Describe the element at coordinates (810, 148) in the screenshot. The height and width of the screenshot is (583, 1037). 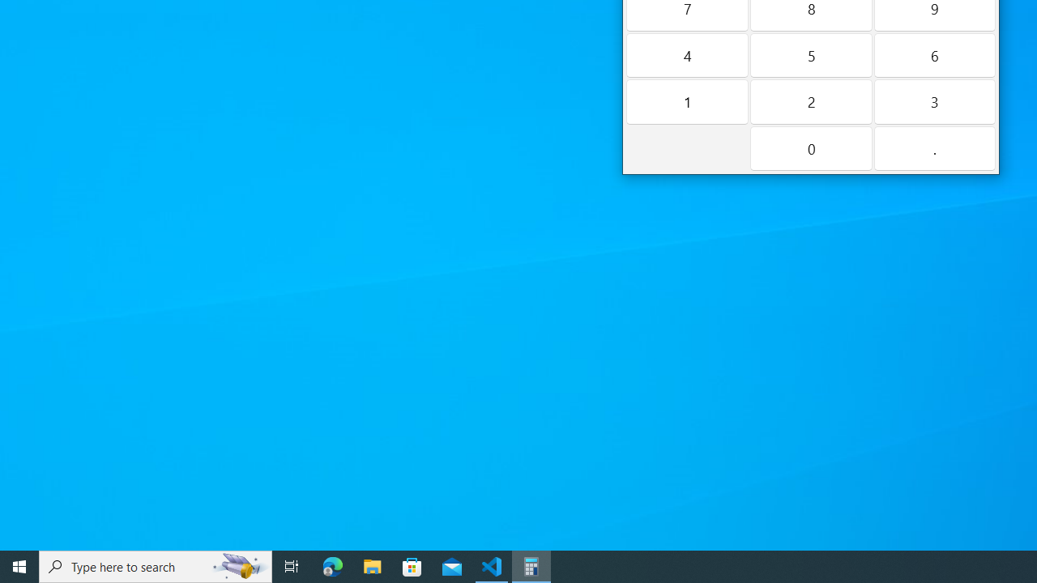
I see `'Zero'` at that location.